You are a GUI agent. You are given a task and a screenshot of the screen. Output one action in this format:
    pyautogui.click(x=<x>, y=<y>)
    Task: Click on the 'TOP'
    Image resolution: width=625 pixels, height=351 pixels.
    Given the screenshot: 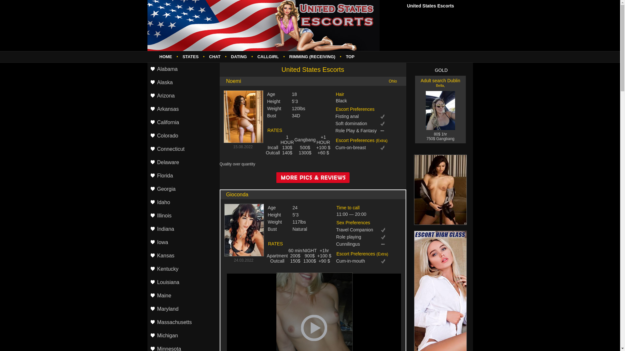 What is the action you would take?
    pyautogui.click(x=342, y=56)
    